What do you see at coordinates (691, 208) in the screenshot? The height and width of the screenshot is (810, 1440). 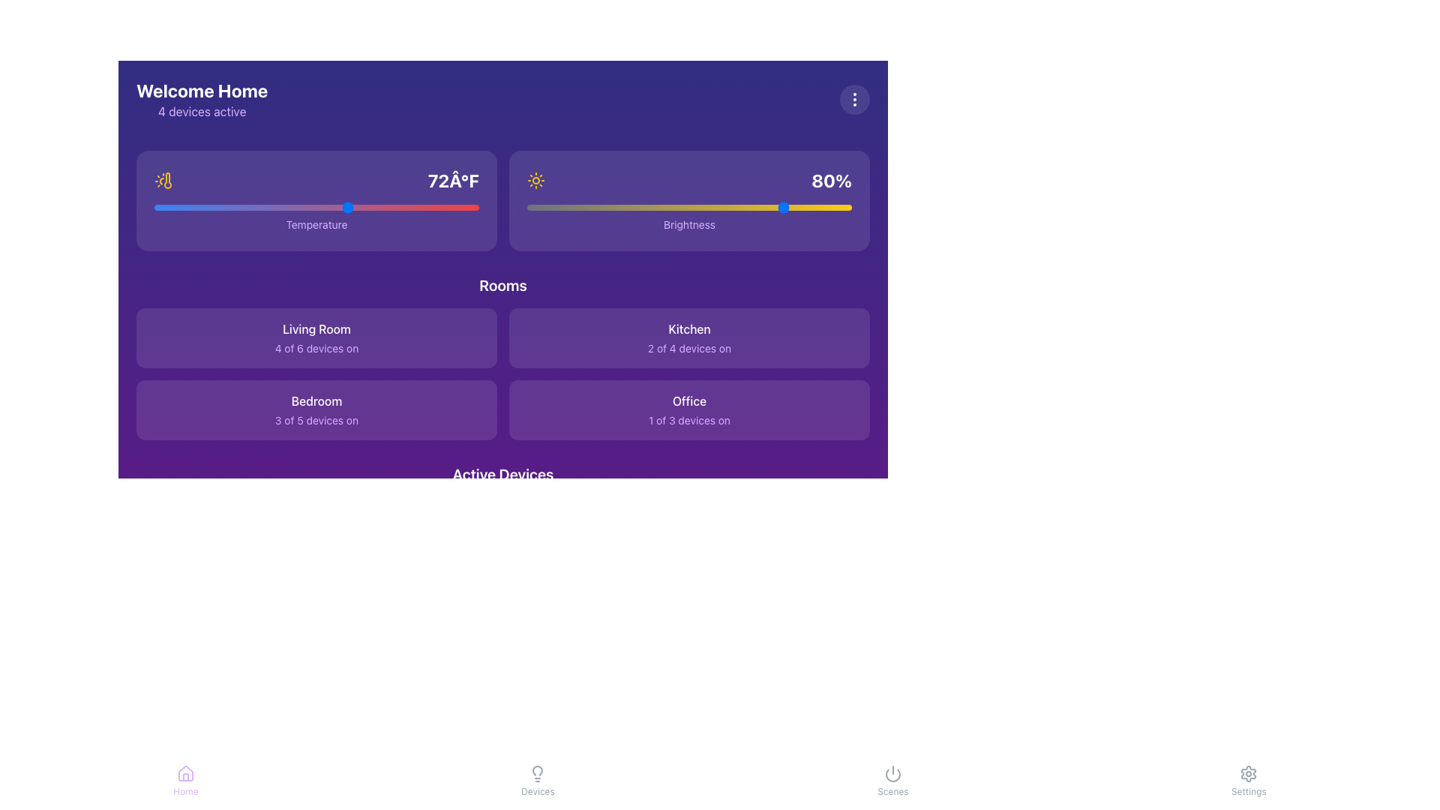 I see `brightness level` at bounding box center [691, 208].